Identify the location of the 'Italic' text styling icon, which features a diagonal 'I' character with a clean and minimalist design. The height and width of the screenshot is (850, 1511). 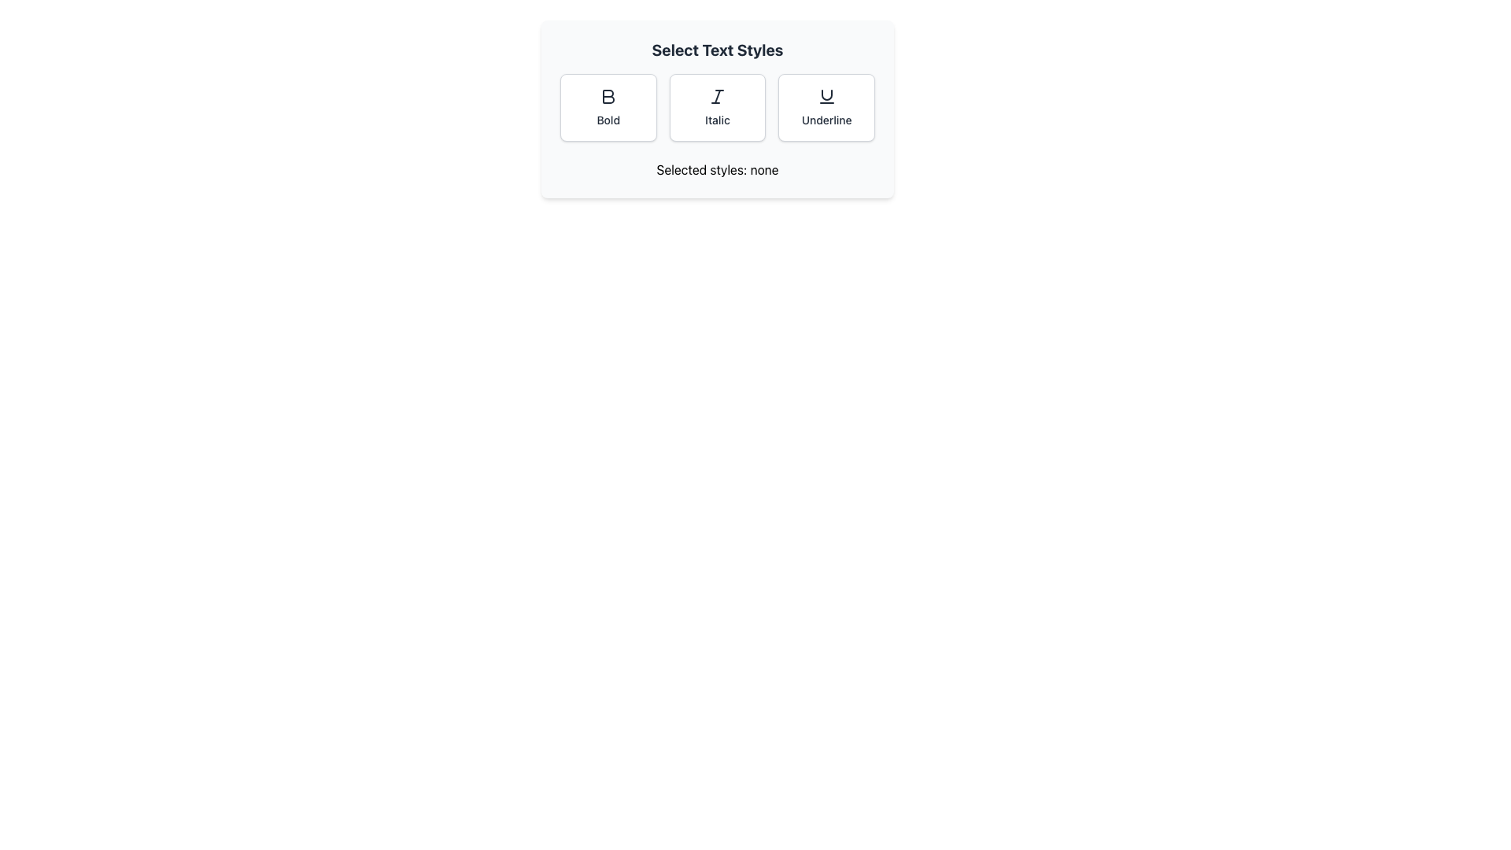
(717, 97).